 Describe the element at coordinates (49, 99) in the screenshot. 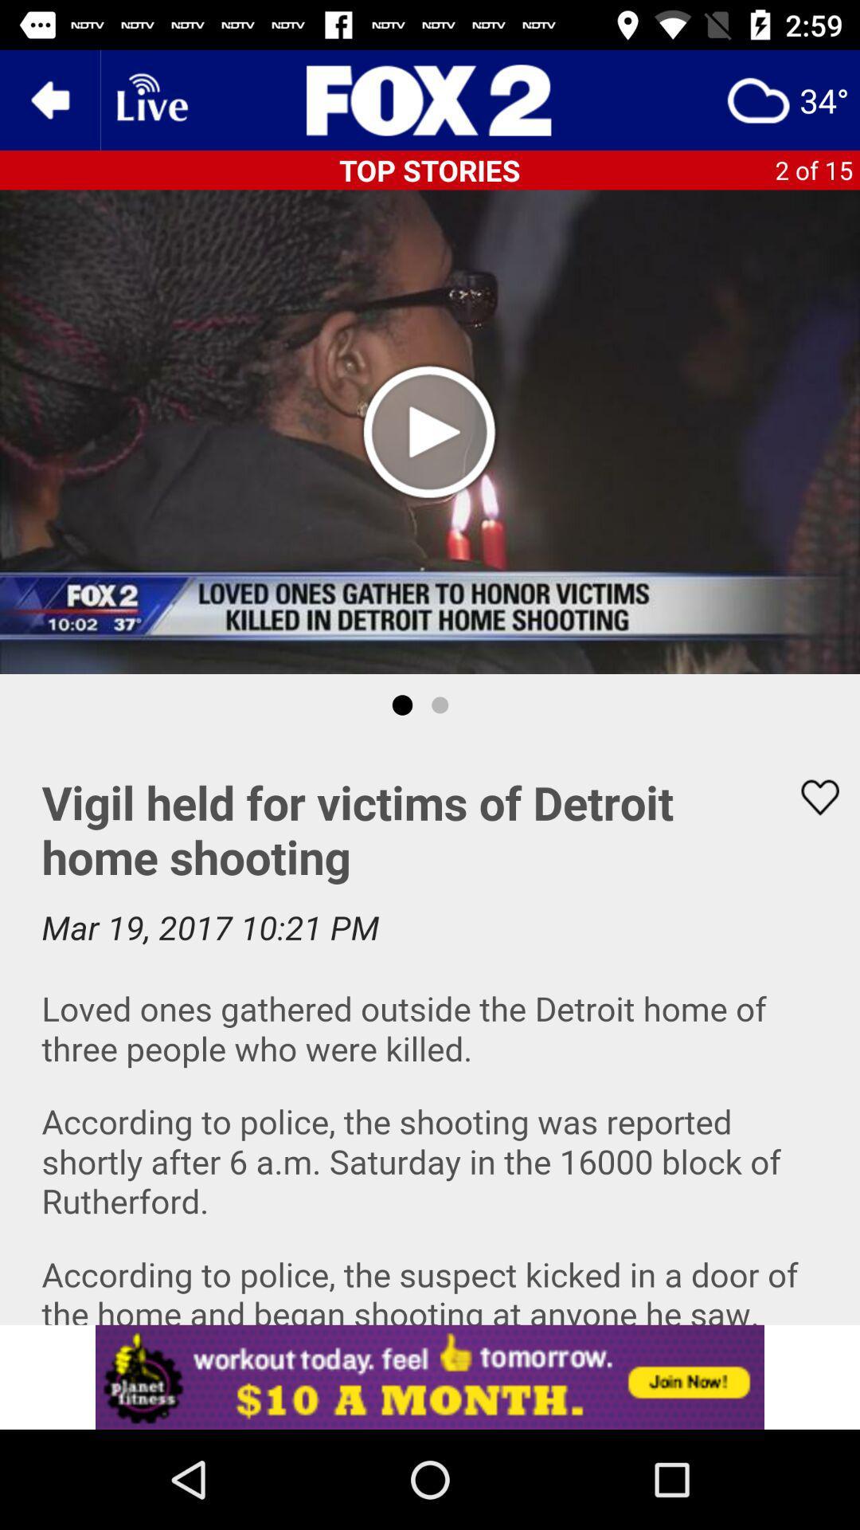

I see `the arrow_backward icon` at that location.